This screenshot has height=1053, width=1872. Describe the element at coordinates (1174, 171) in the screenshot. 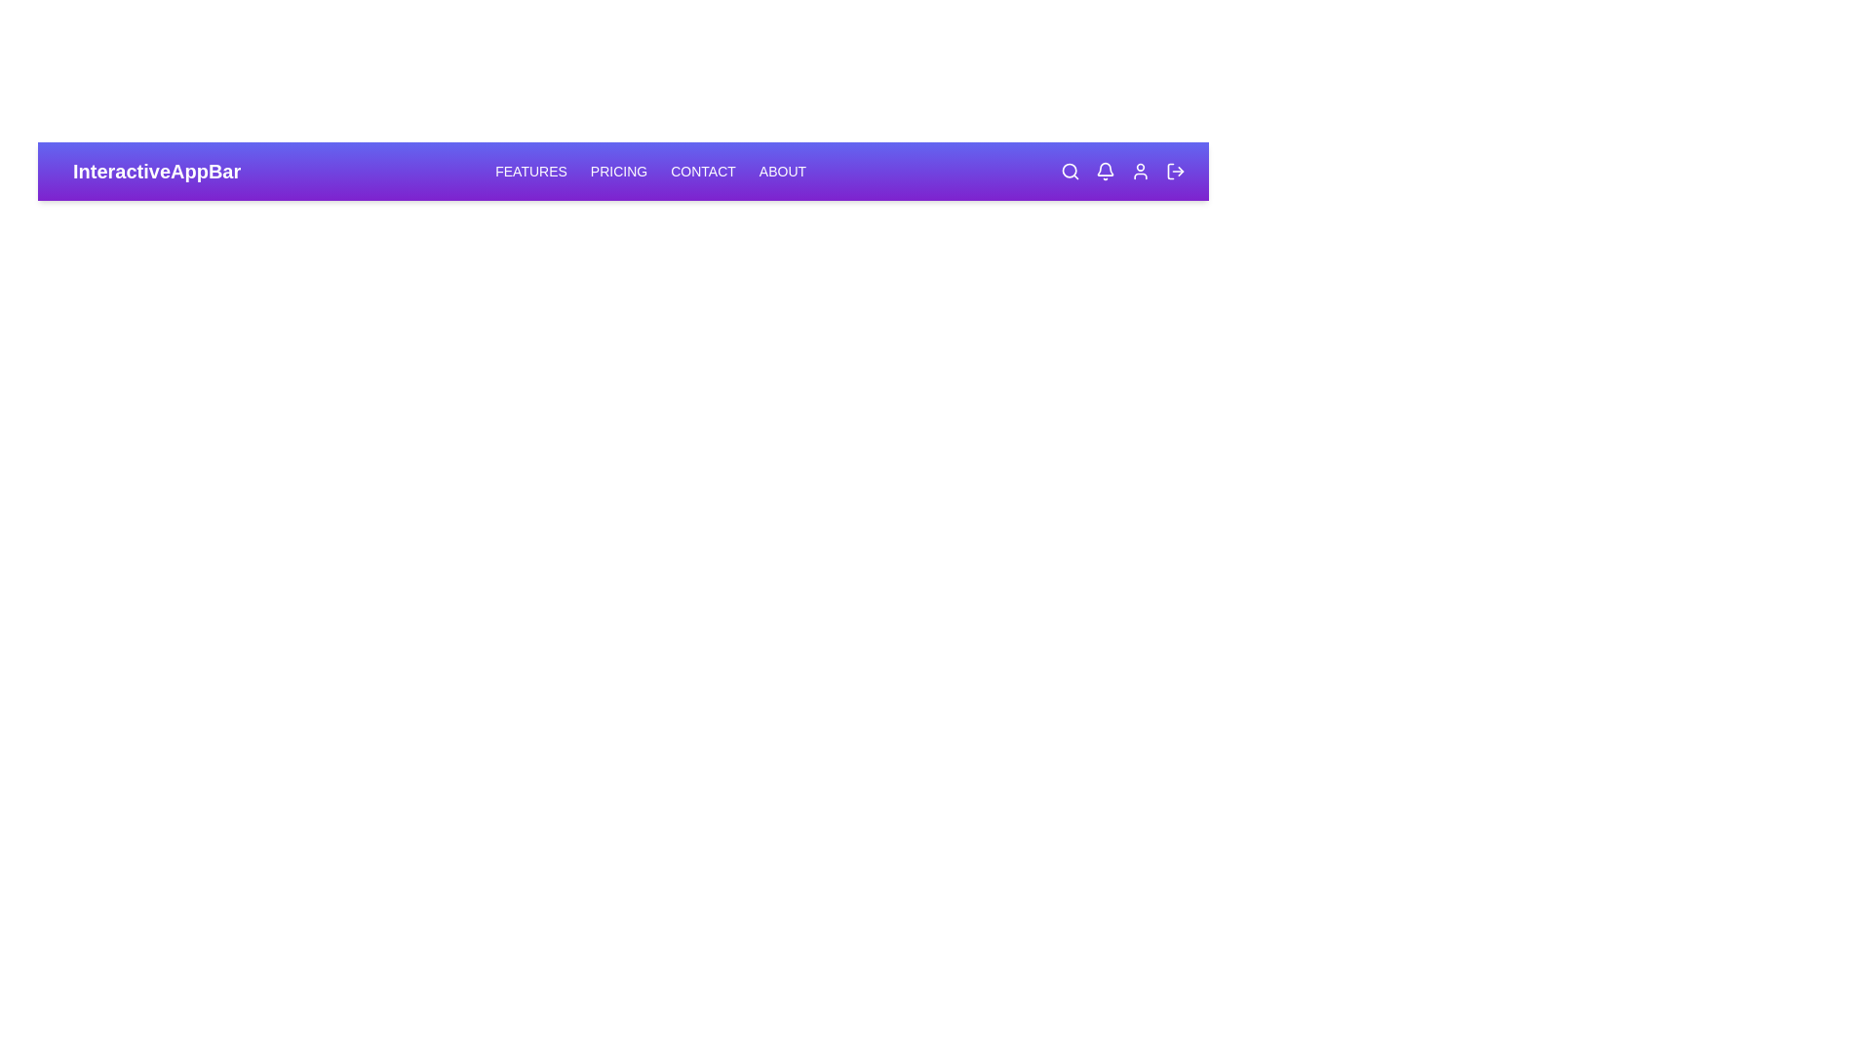

I see `the 'LogOut' icon to log out` at that location.